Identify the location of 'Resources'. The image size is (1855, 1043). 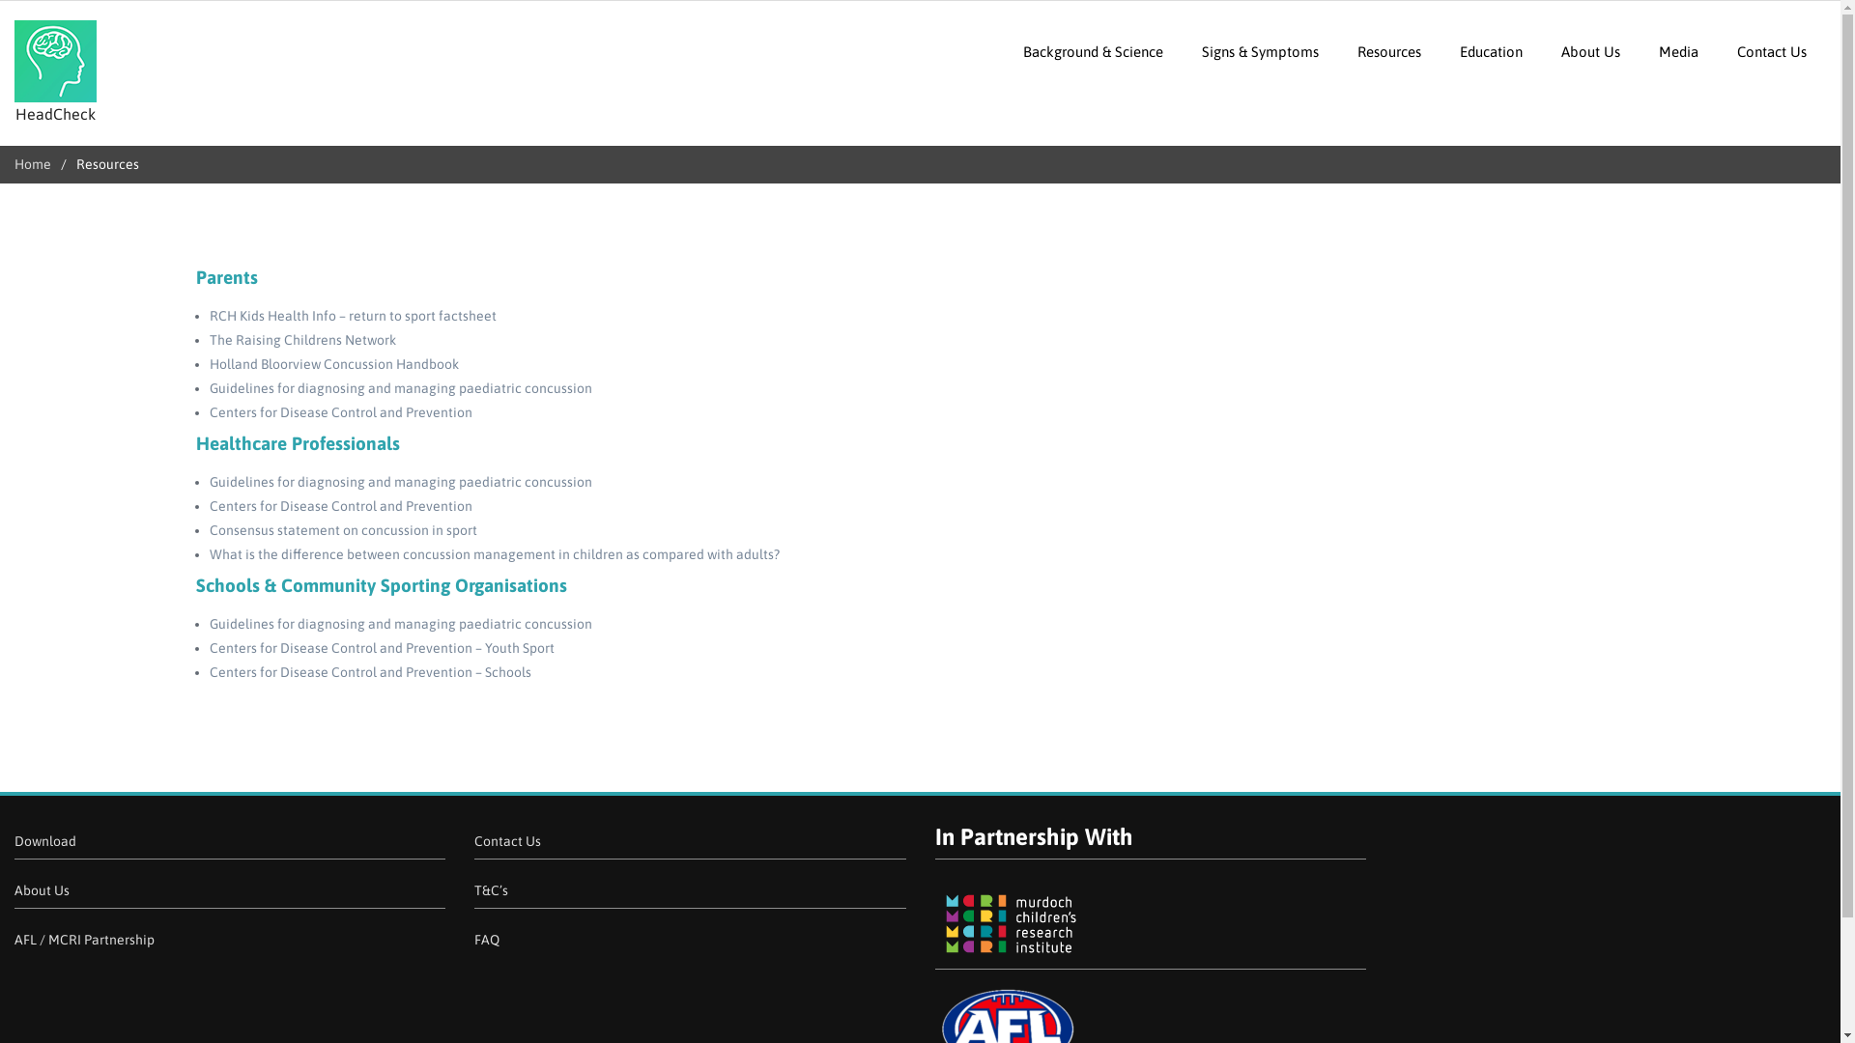
(1337, 50).